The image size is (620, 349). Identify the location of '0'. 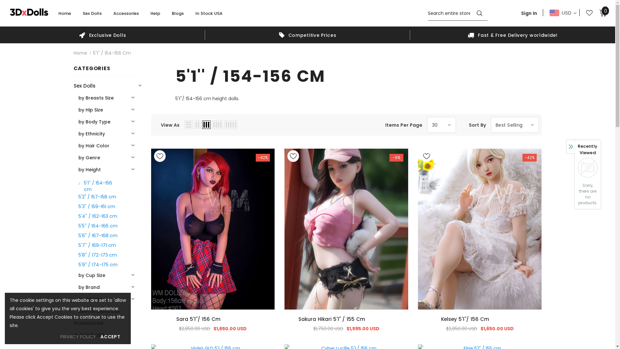
(603, 12).